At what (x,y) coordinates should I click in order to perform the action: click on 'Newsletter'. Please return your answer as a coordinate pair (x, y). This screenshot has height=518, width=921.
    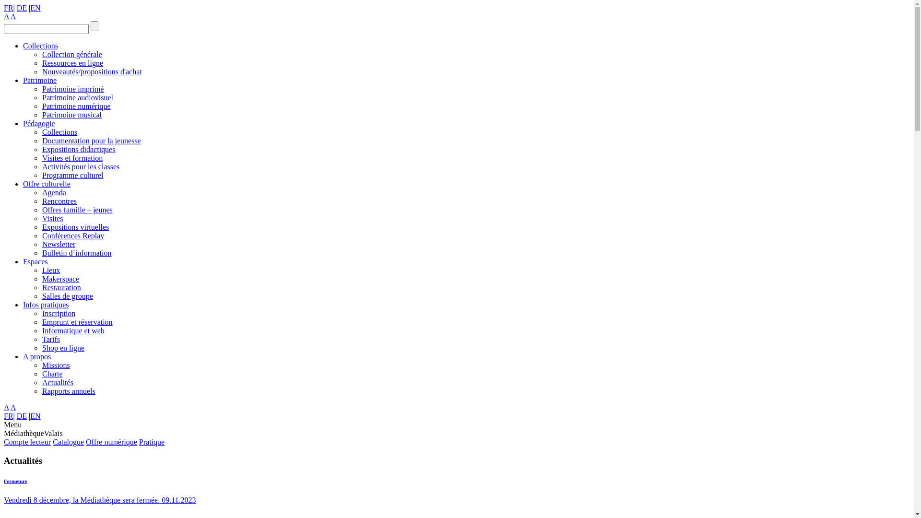
    Looking at the image, I should click on (58, 244).